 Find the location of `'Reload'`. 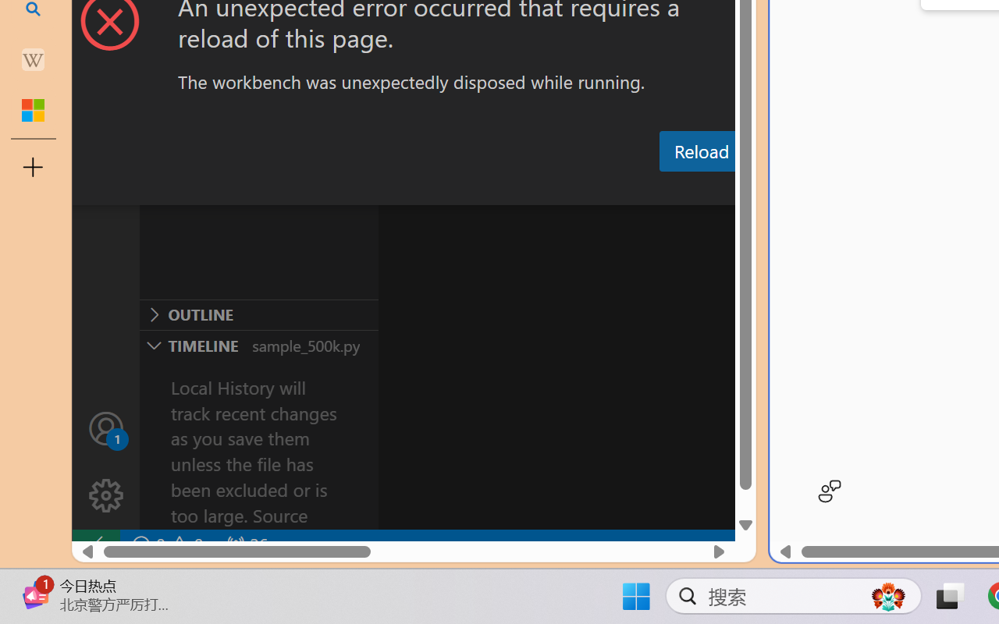

'Reload' is located at coordinates (700, 150).